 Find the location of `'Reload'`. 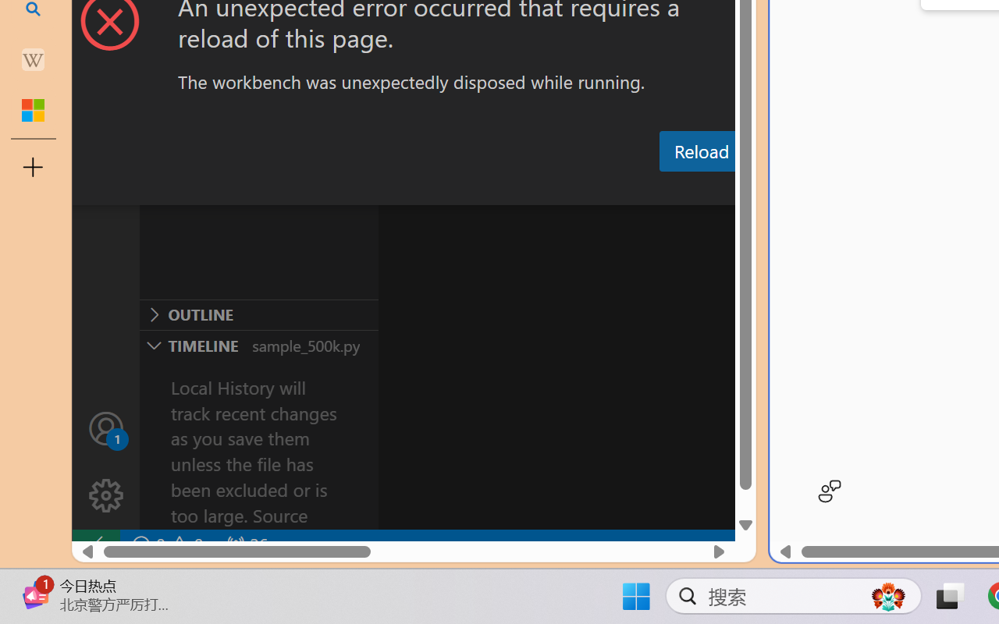

'Reload' is located at coordinates (700, 150).